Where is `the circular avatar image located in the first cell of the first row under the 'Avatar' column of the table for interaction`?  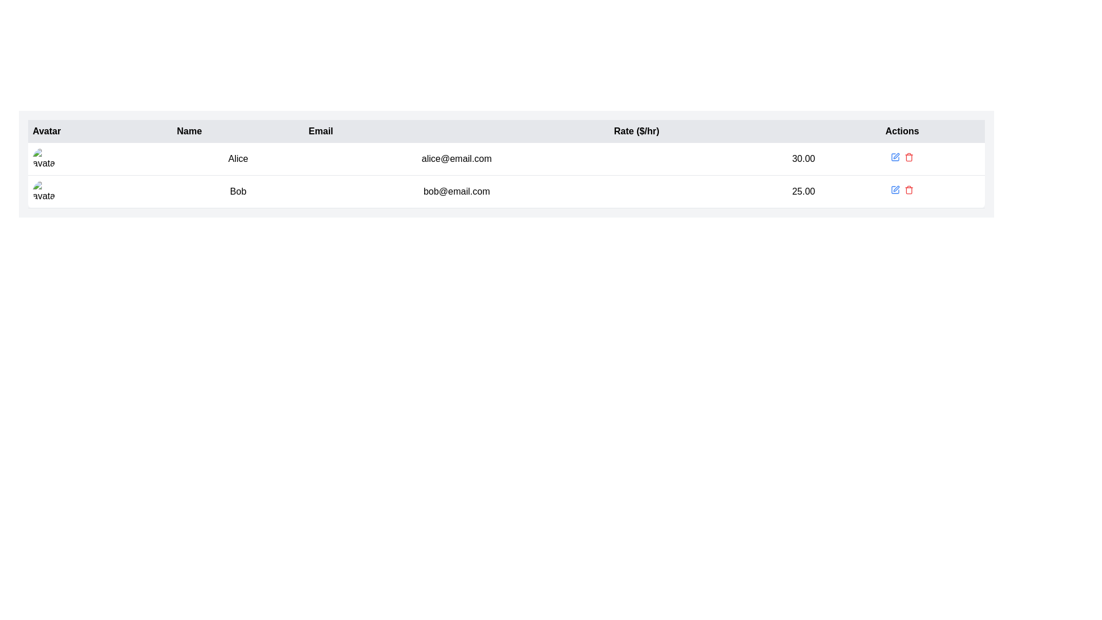
the circular avatar image located in the first cell of the first row under the 'Avatar' column of the table for interaction is located at coordinates (44, 159).